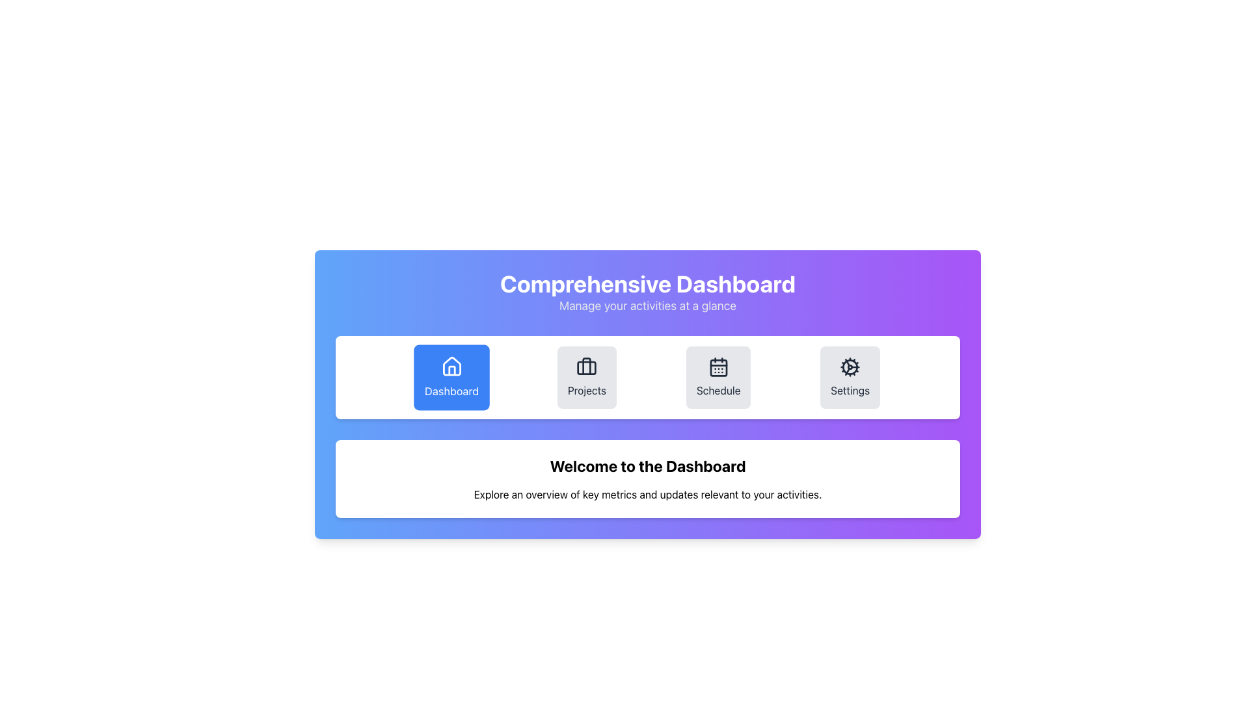  I want to click on the cog-shaped icon within the 'Settings' button located at the top right of the primary navigation section, so click(850, 367).